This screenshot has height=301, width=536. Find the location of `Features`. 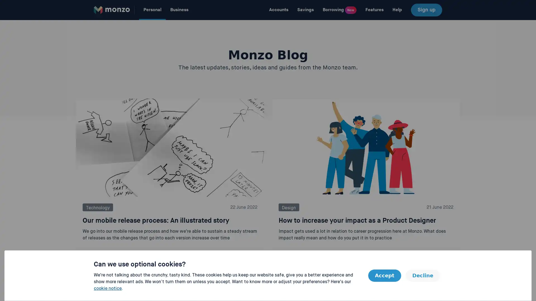

Features is located at coordinates (374, 10).